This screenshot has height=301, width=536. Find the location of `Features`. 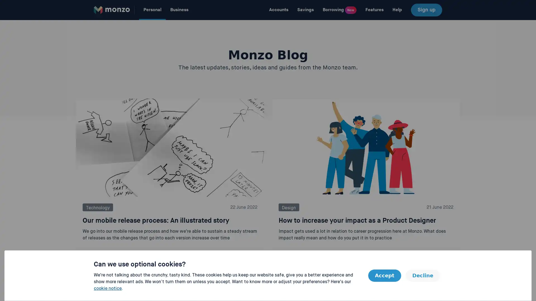

Features is located at coordinates (374, 10).